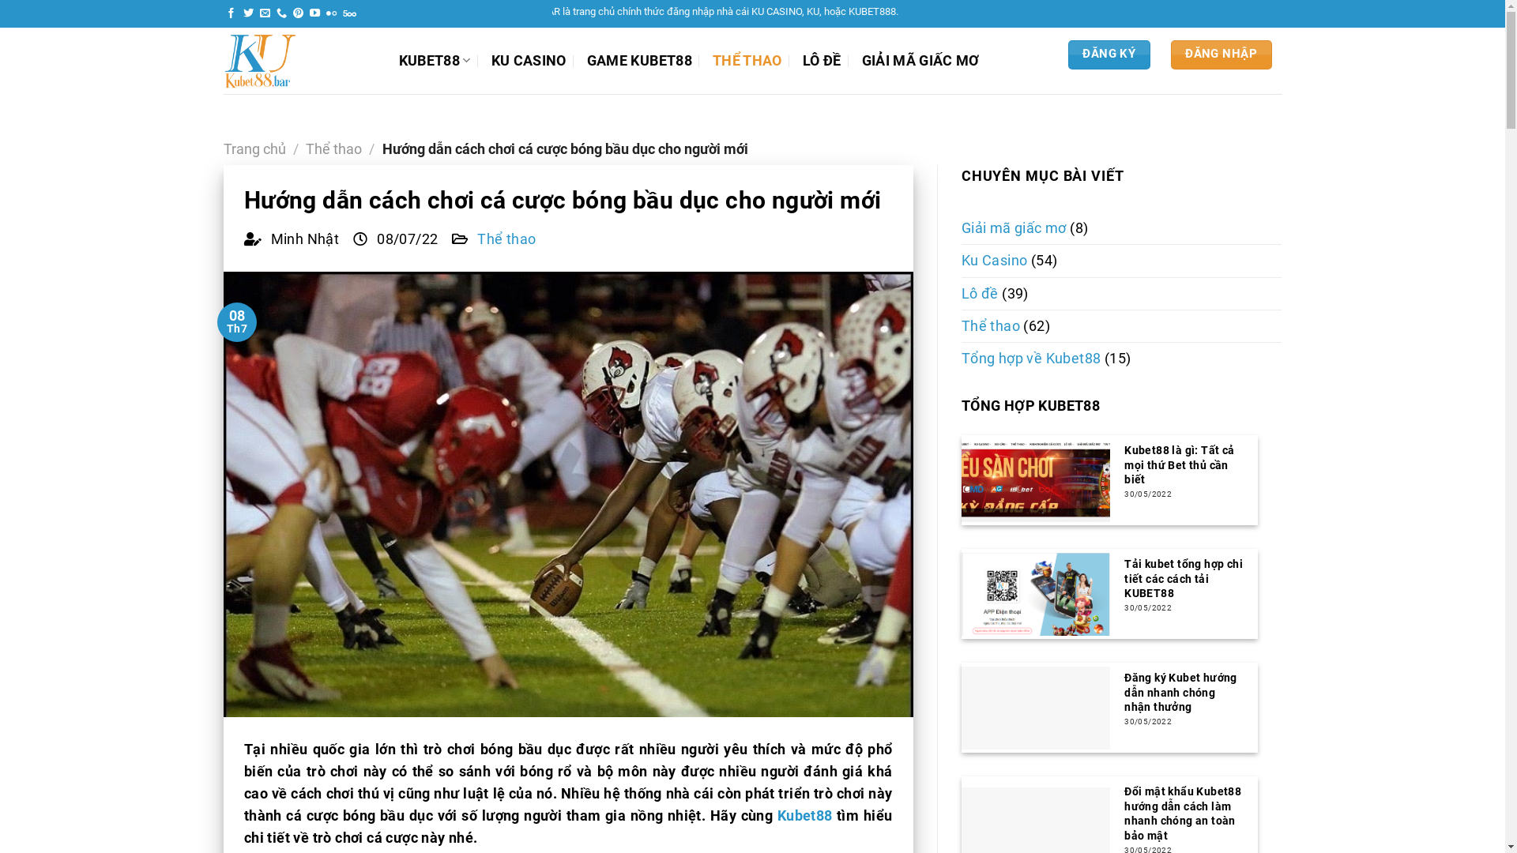  I want to click on 'KU CASINO', so click(529, 60).